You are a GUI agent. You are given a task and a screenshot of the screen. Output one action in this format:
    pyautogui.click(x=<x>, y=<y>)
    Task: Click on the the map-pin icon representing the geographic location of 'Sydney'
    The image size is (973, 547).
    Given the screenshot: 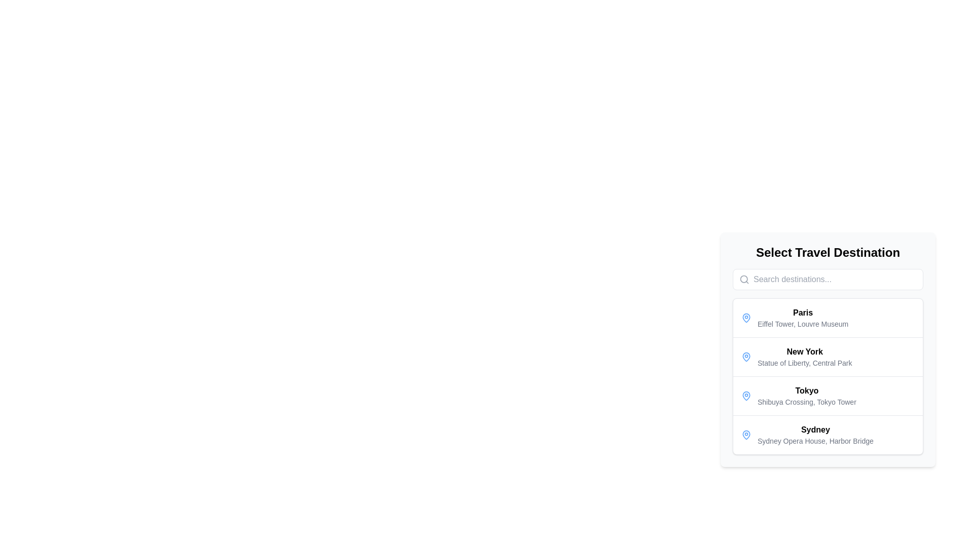 What is the action you would take?
    pyautogui.click(x=746, y=434)
    